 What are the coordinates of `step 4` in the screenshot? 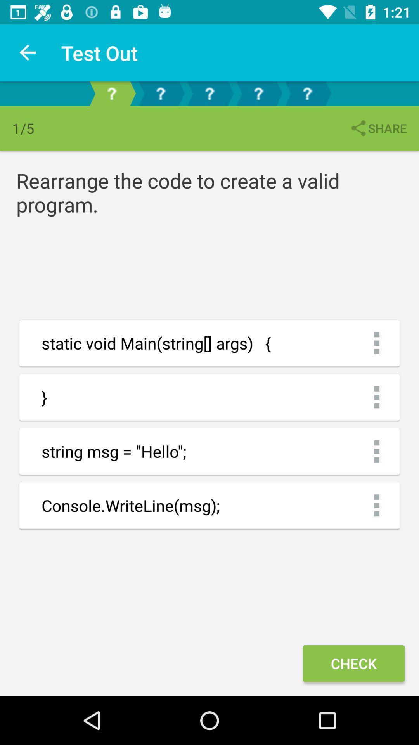 It's located at (258, 93).